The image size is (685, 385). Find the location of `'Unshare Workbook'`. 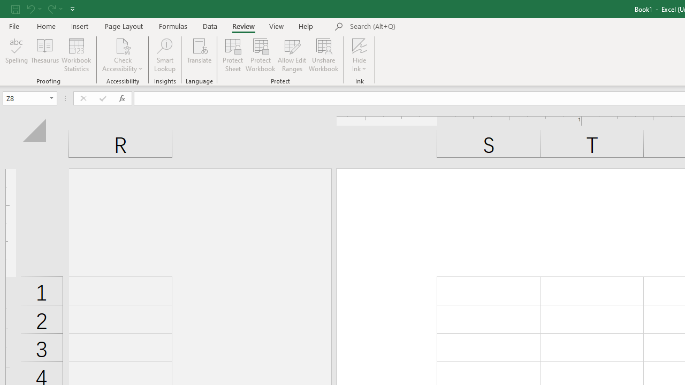

'Unshare Workbook' is located at coordinates (323, 55).